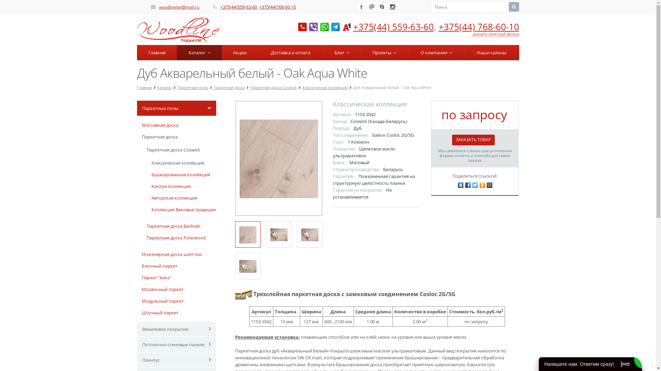 The image size is (661, 371). Describe the element at coordinates (313, 26) in the screenshot. I see `'viber_icon.png'` at that location.